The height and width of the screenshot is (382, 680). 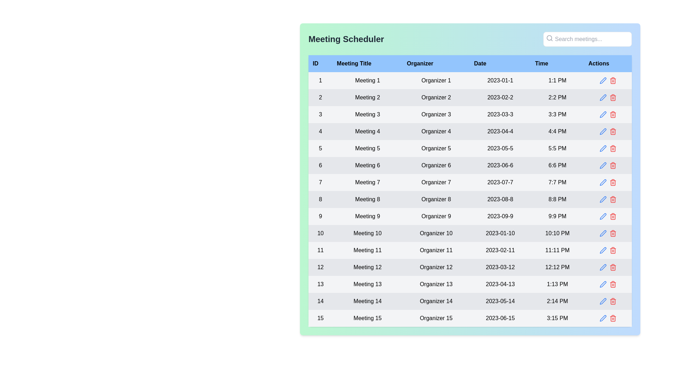 What do you see at coordinates (500, 318) in the screenshot?
I see `on the date text displayed in the fourth cell of the last row under the 'Date' heading in the 'Meeting Scheduler' table` at bounding box center [500, 318].